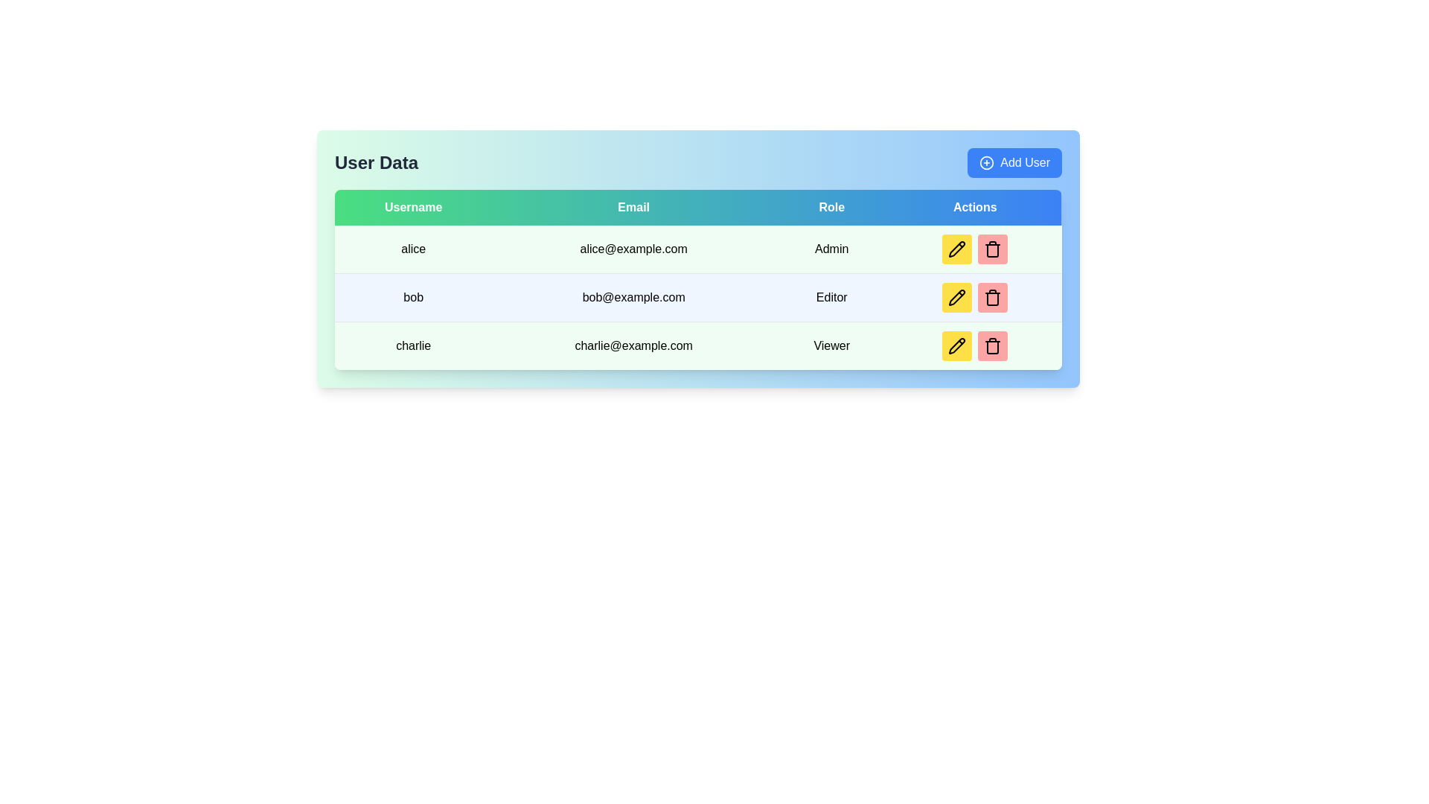  I want to click on the delete button located in the 'Actions' column of the table, specifically in the last row corresponding to the 'Viewer' role, which is the second button to the right of the yellow edit button, so click(993, 346).